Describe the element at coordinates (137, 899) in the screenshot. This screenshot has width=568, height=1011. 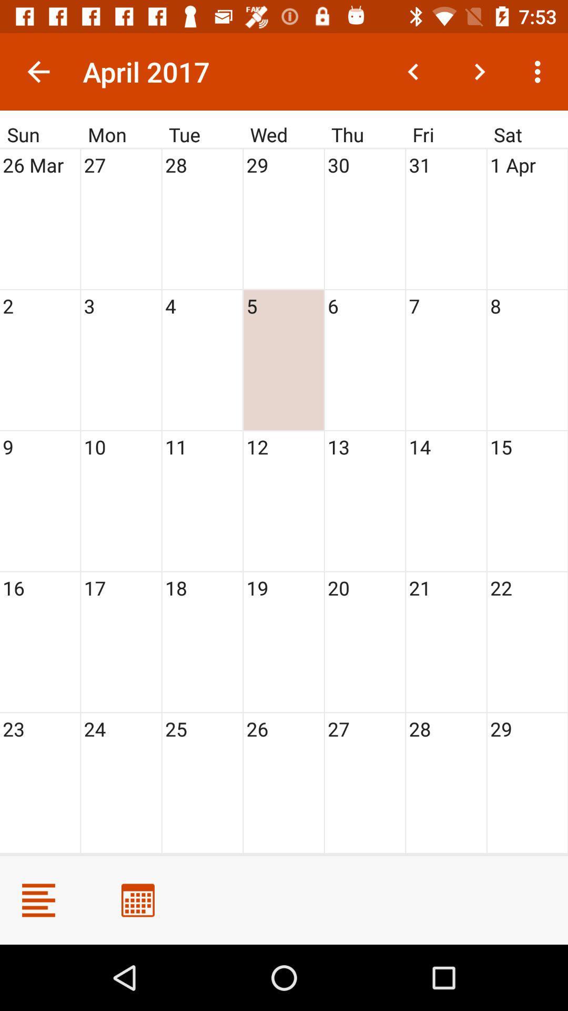
I see `calendar view change` at that location.